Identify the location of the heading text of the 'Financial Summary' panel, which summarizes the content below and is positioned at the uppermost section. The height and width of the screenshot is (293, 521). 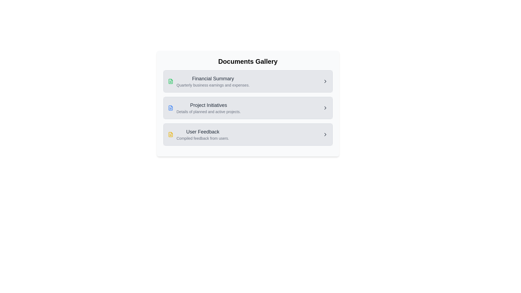
(213, 78).